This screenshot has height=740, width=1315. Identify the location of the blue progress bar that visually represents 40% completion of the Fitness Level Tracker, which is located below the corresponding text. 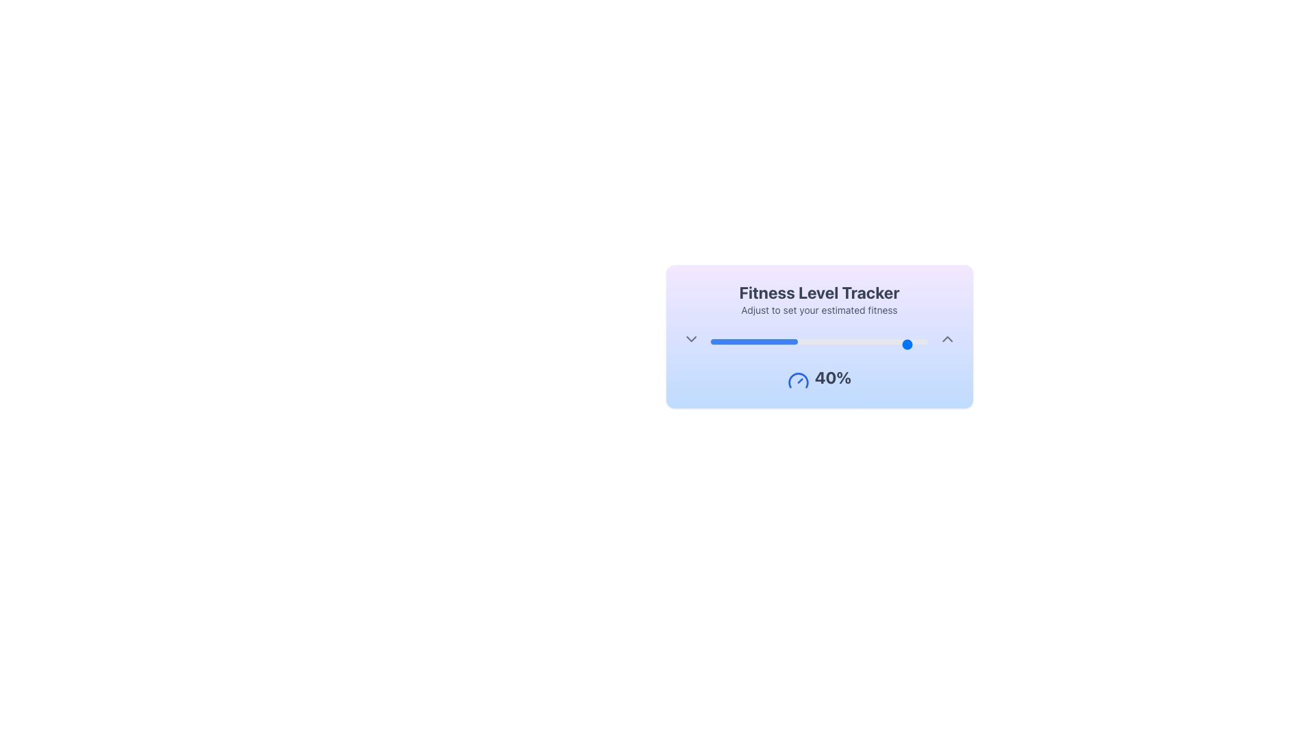
(753, 341).